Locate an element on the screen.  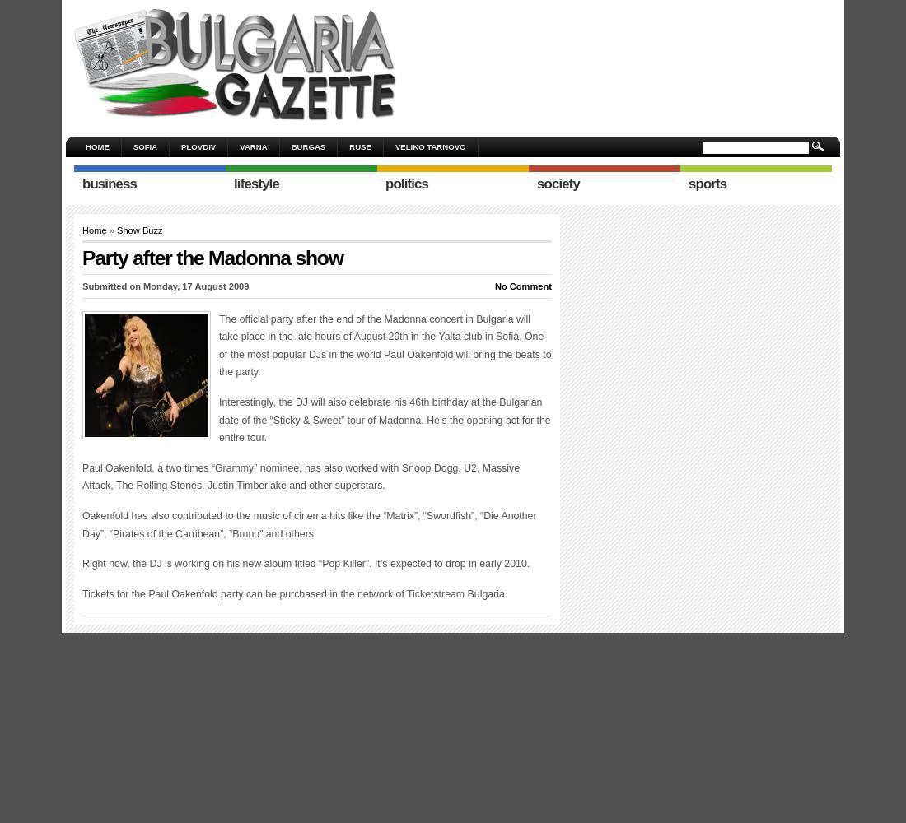
'Varna' is located at coordinates (252, 146).